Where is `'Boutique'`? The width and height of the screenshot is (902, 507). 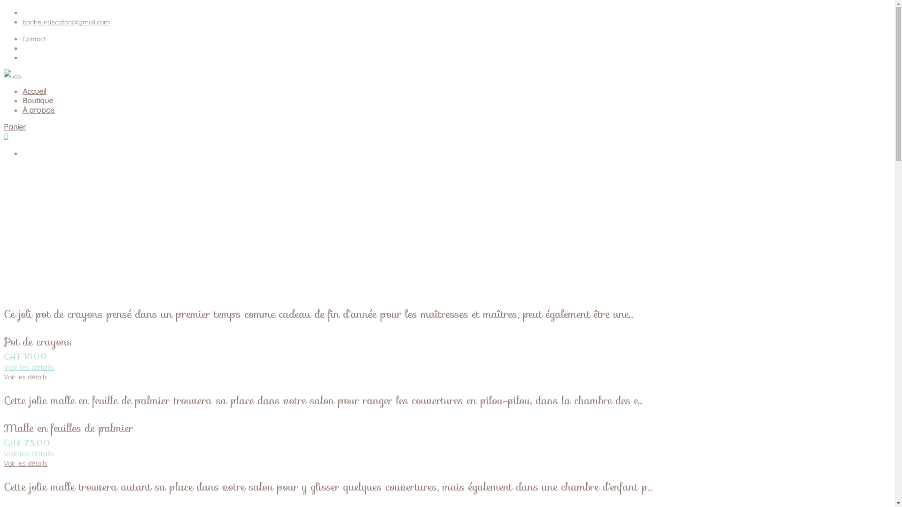 'Boutique' is located at coordinates (38, 100).